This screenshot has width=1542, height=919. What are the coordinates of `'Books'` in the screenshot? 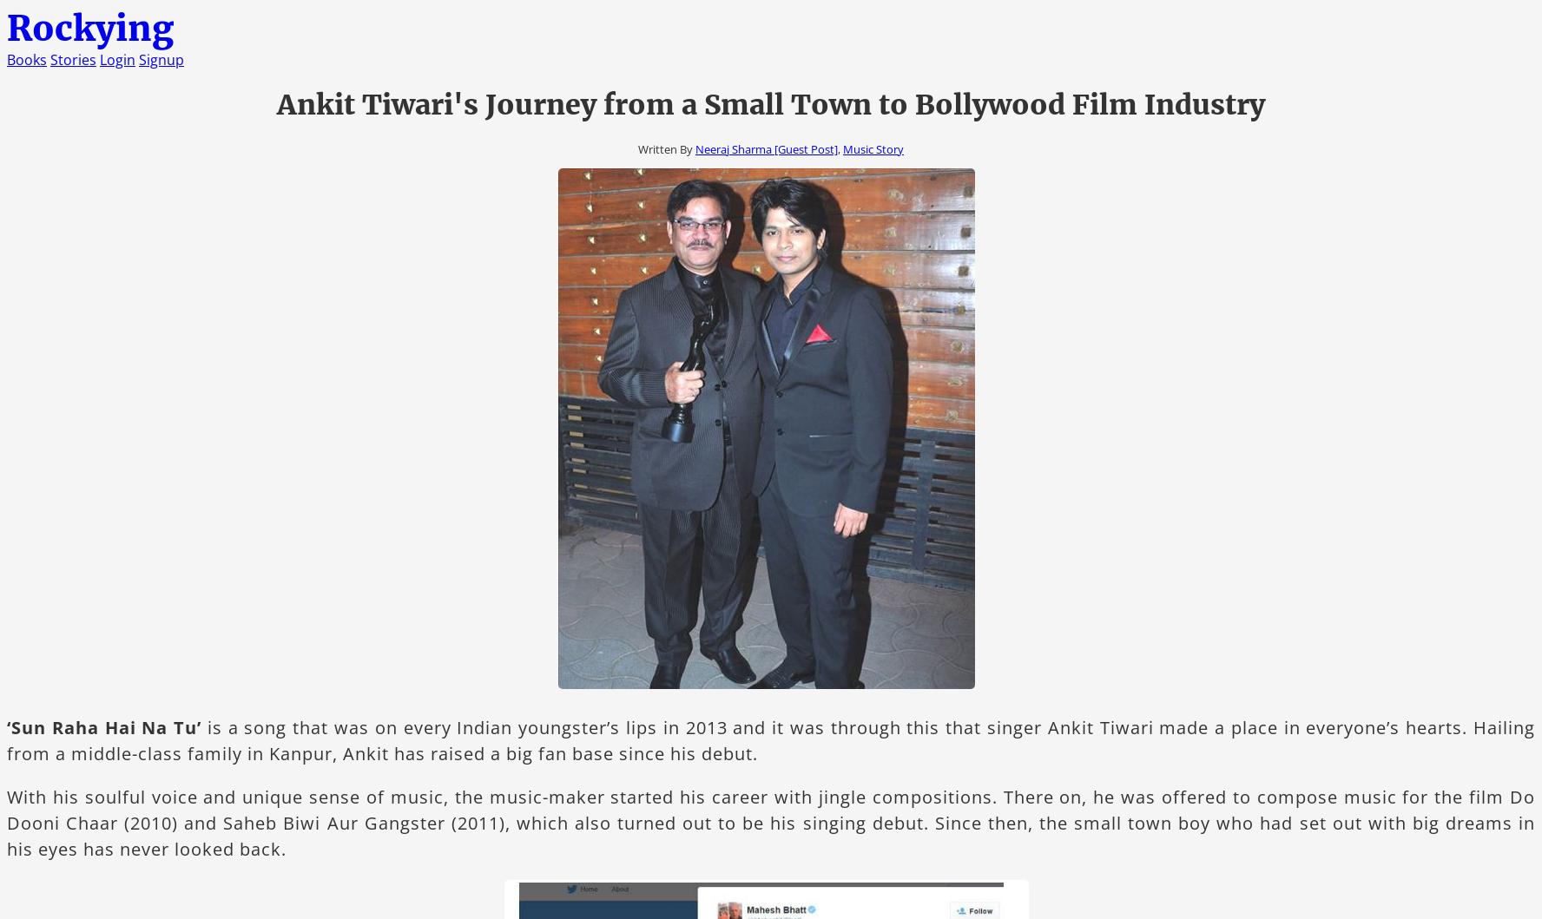 It's located at (26, 60).